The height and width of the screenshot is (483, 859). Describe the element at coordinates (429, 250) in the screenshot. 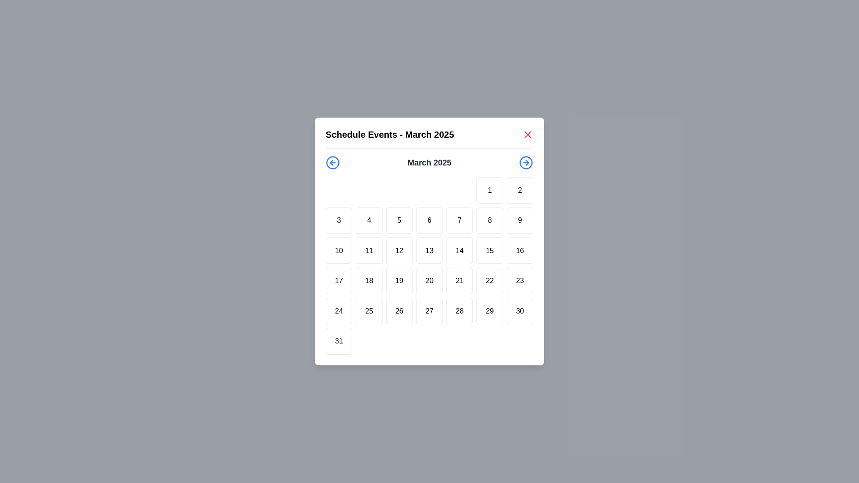

I see `the interactive calendar day button displaying the number '13' to trigger the hover effect` at that location.